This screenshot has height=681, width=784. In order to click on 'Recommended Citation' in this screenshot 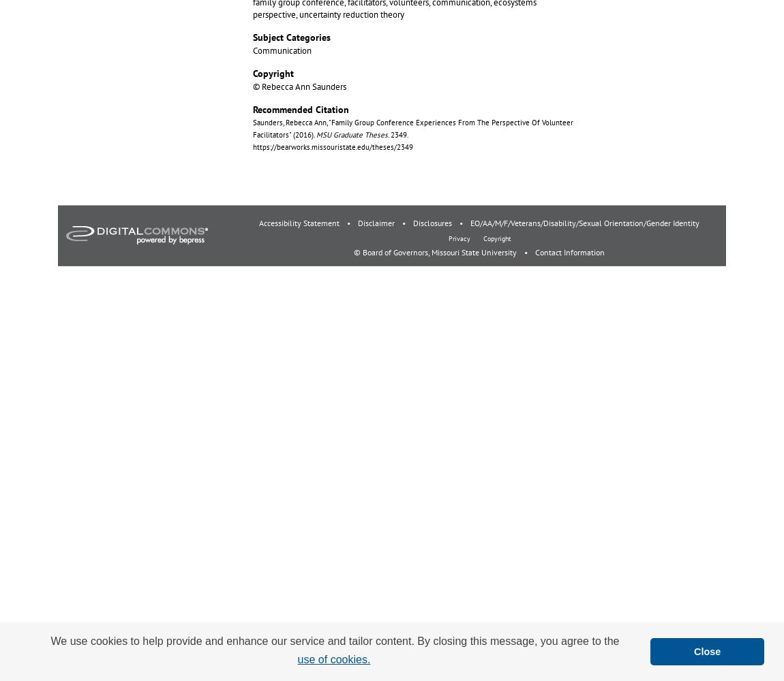, I will do `click(252, 109)`.